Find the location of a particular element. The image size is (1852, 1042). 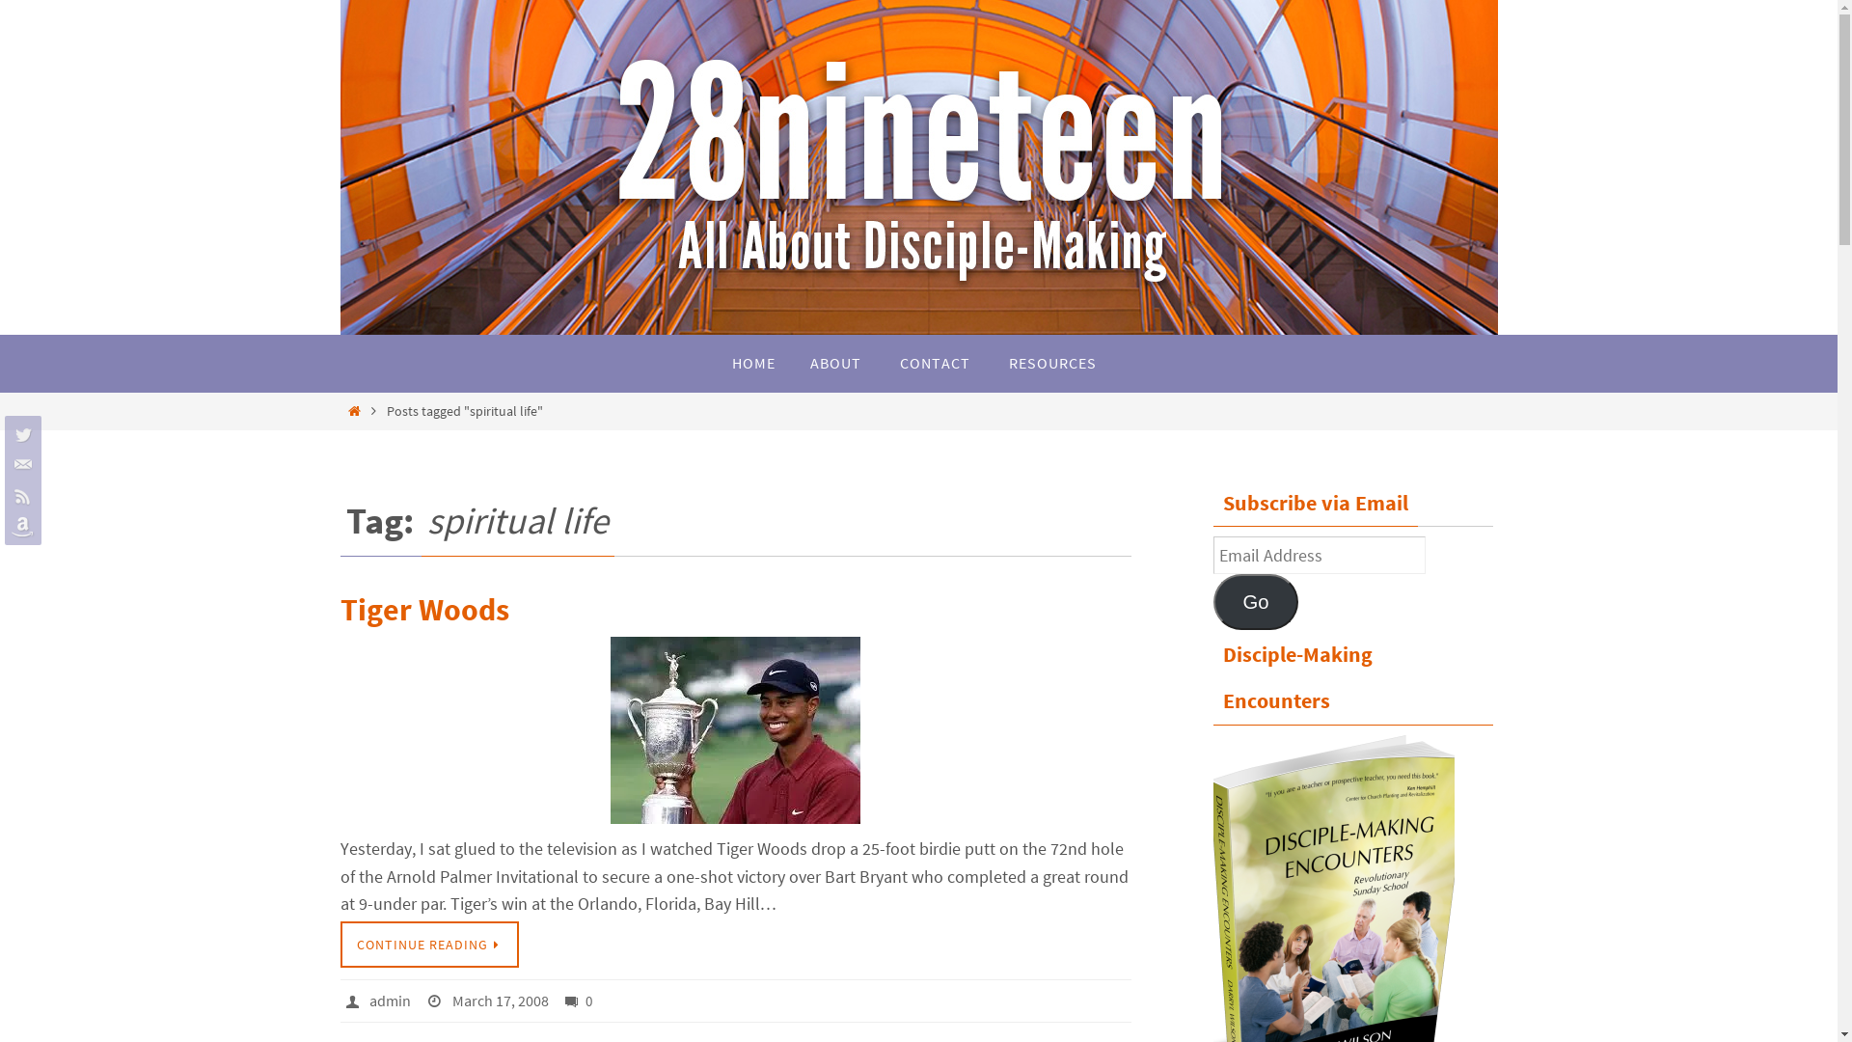

'RSS Feed' is located at coordinates (19, 494).